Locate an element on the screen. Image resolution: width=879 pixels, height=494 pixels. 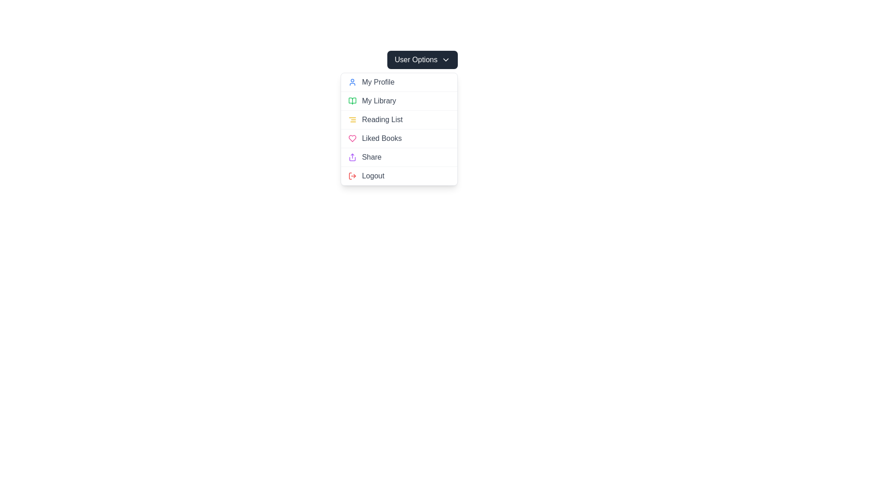
the third menu item labeled 'Reading List' located below the 'User Options' header is located at coordinates (399, 119).